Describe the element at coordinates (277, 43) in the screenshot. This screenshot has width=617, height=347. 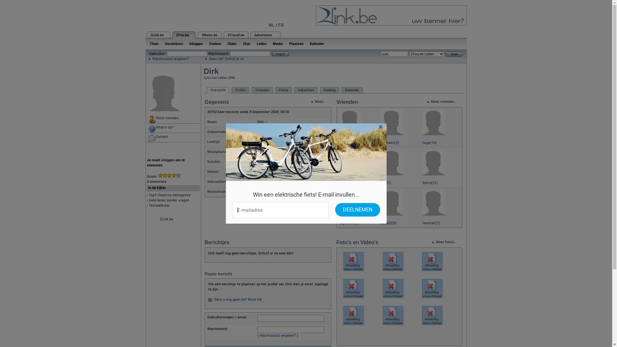
I see `'Media'` at that location.